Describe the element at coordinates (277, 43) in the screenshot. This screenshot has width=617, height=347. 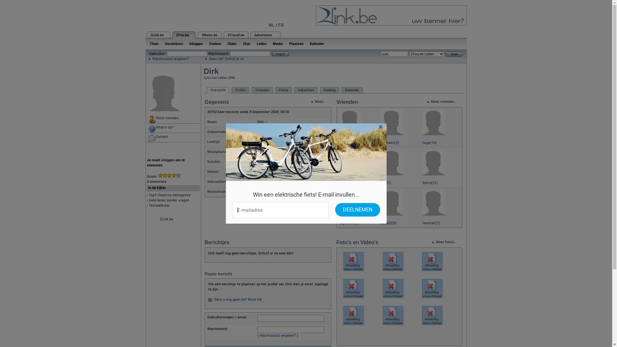
I see `'Media'` at that location.